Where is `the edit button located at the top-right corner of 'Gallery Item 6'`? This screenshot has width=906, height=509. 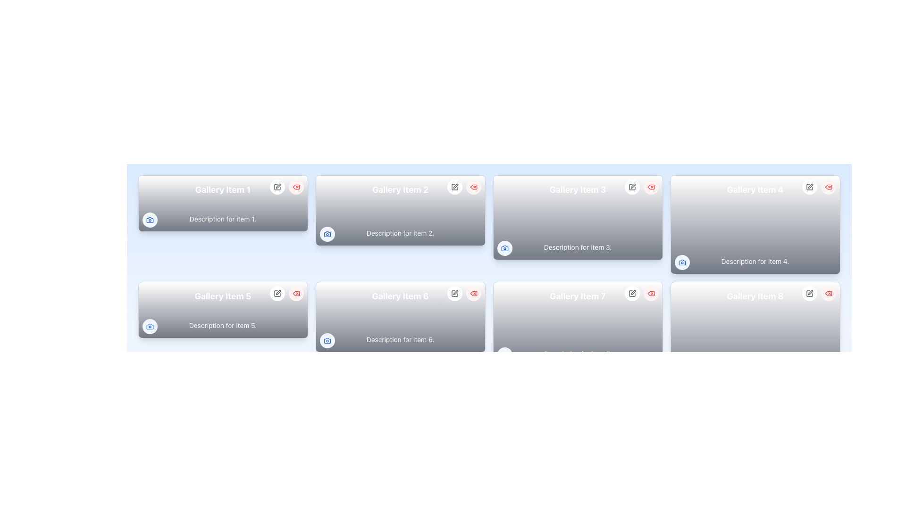
the edit button located at the top-right corner of 'Gallery Item 6' is located at coordinates (454, 293).